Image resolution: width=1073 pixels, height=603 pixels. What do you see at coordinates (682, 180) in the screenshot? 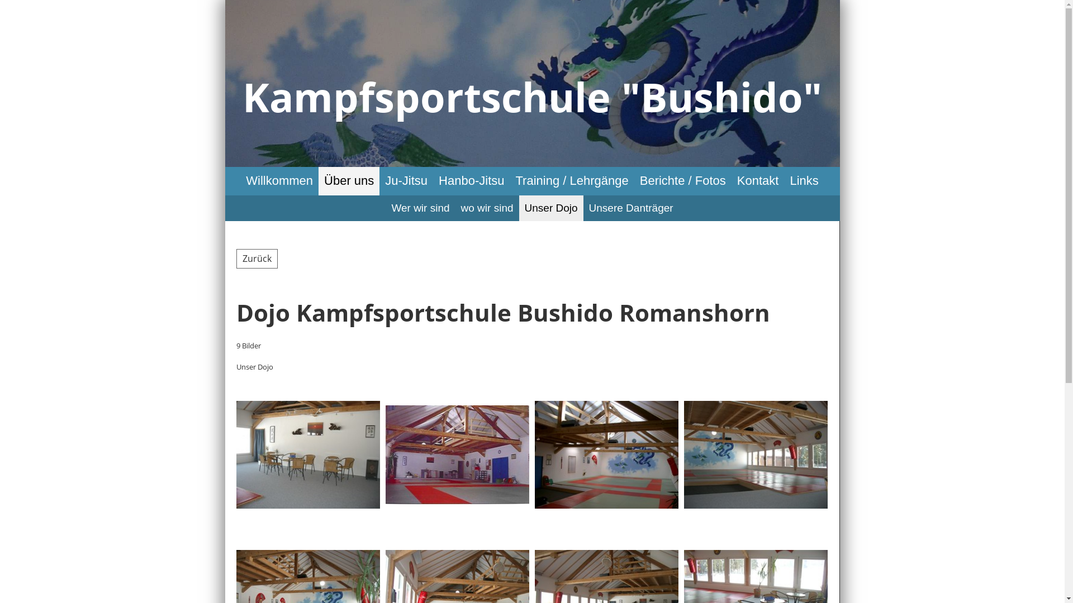
I see `'Berichte / Fotos'` at bounding box center [682, 180].